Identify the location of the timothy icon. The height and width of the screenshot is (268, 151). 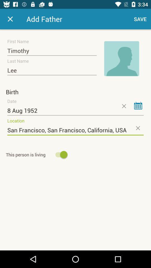
(52, 51).